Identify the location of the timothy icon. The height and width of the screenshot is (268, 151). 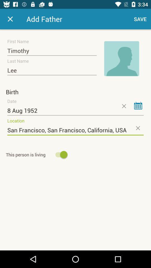
(52, 51).